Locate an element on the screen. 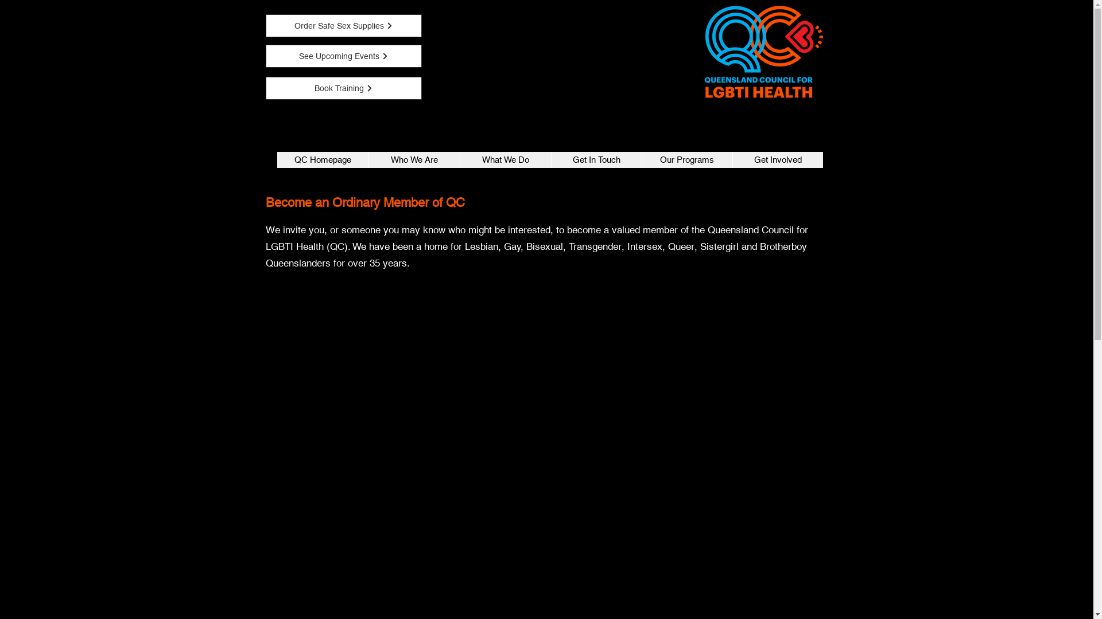  'Order Safe Sex Supplies' is located at coordinates (343, 26).